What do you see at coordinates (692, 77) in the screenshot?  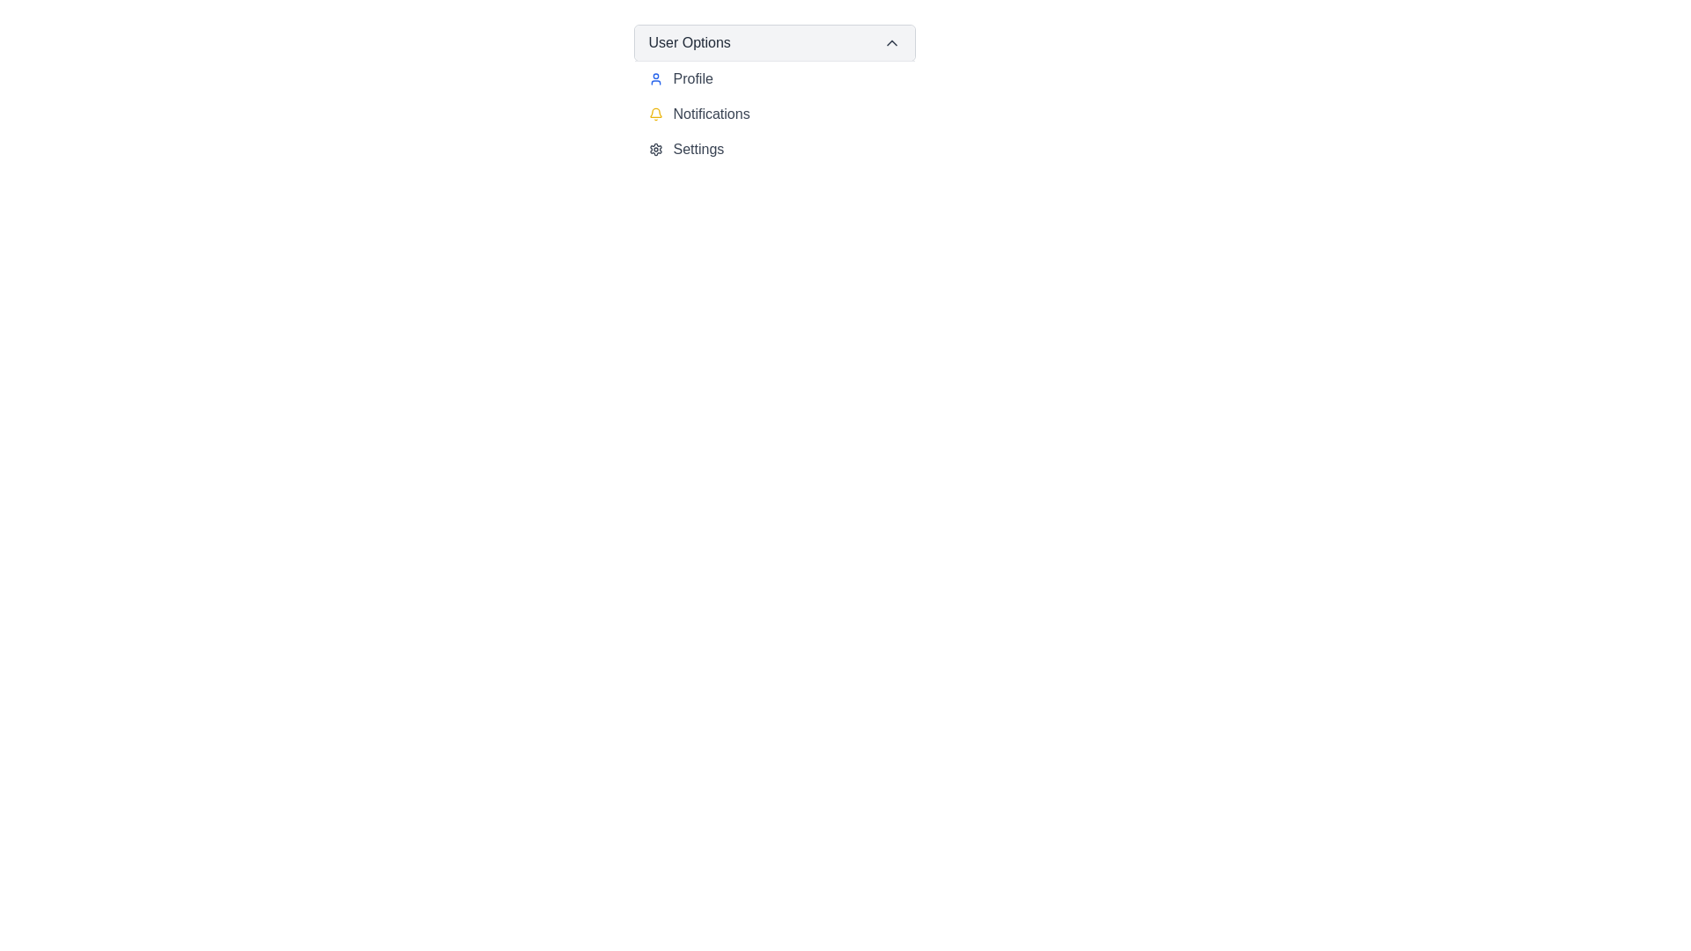 I see `text label that serves as a navigation link to the profile page, located within the 'User Options' dropdown menu` at bounding box center [692, 77].